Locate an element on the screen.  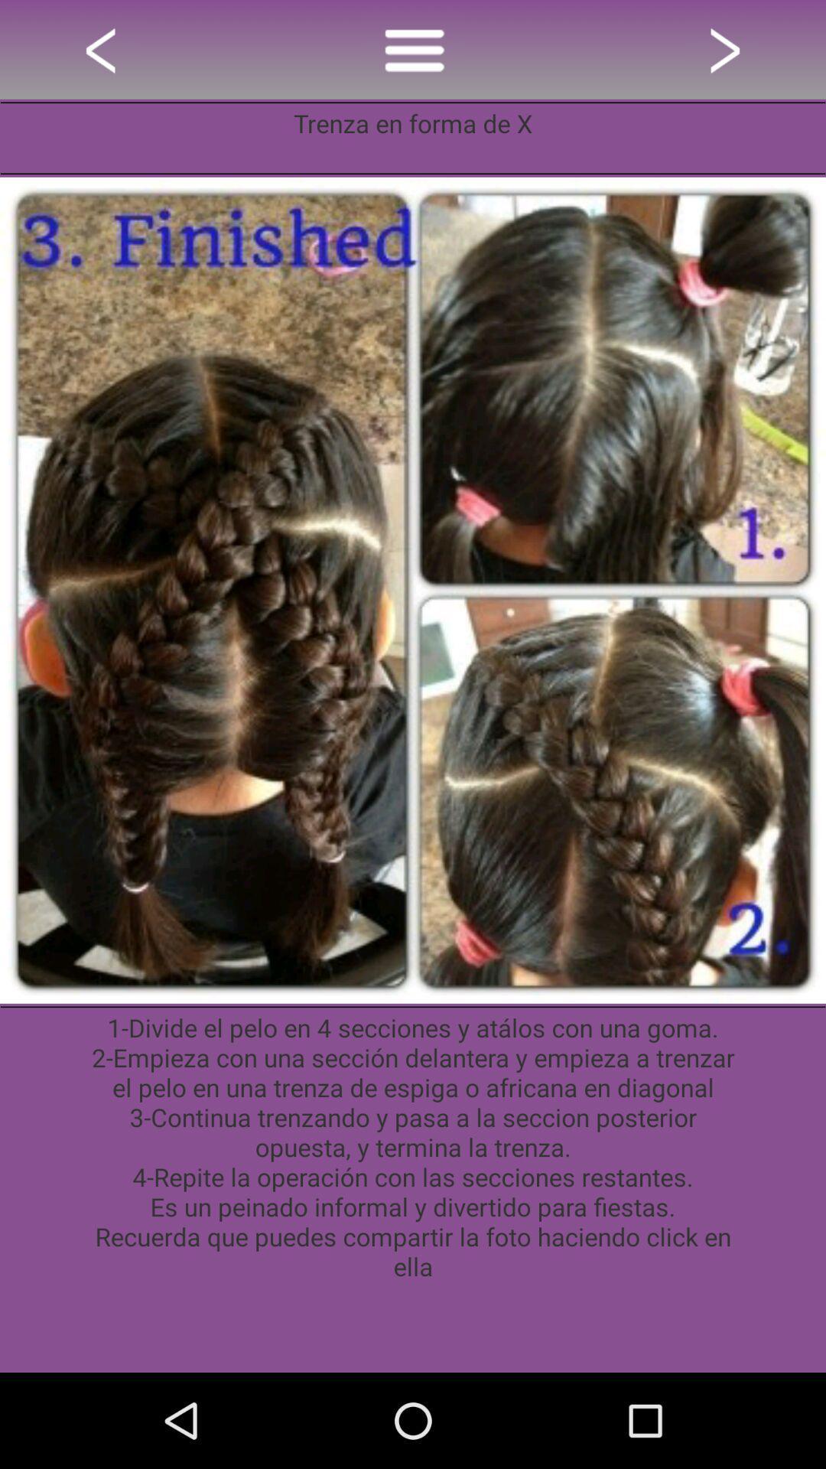
the arrow_backward icon is located at coordinates (103, 53).